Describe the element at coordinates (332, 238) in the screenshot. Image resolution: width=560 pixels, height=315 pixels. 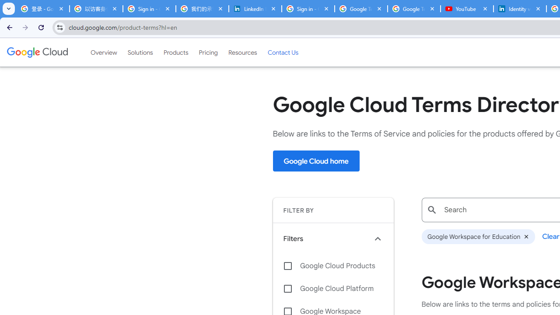
I see `'Filters keyboard_arrow_up'` at that location.